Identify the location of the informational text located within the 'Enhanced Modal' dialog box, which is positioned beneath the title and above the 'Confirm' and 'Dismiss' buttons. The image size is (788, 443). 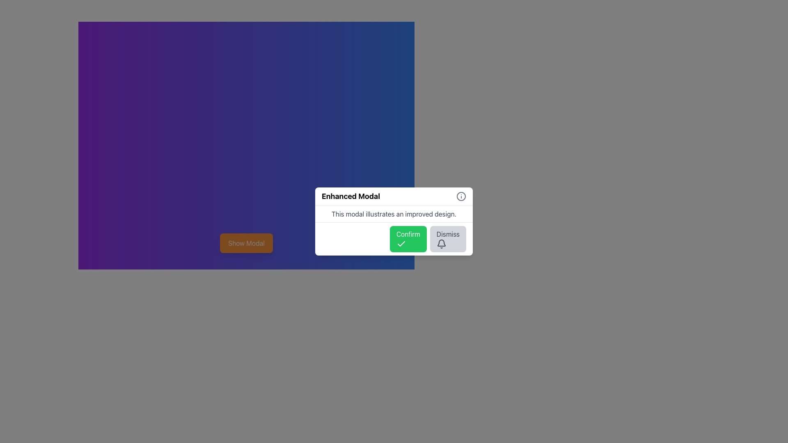
(394, 213).